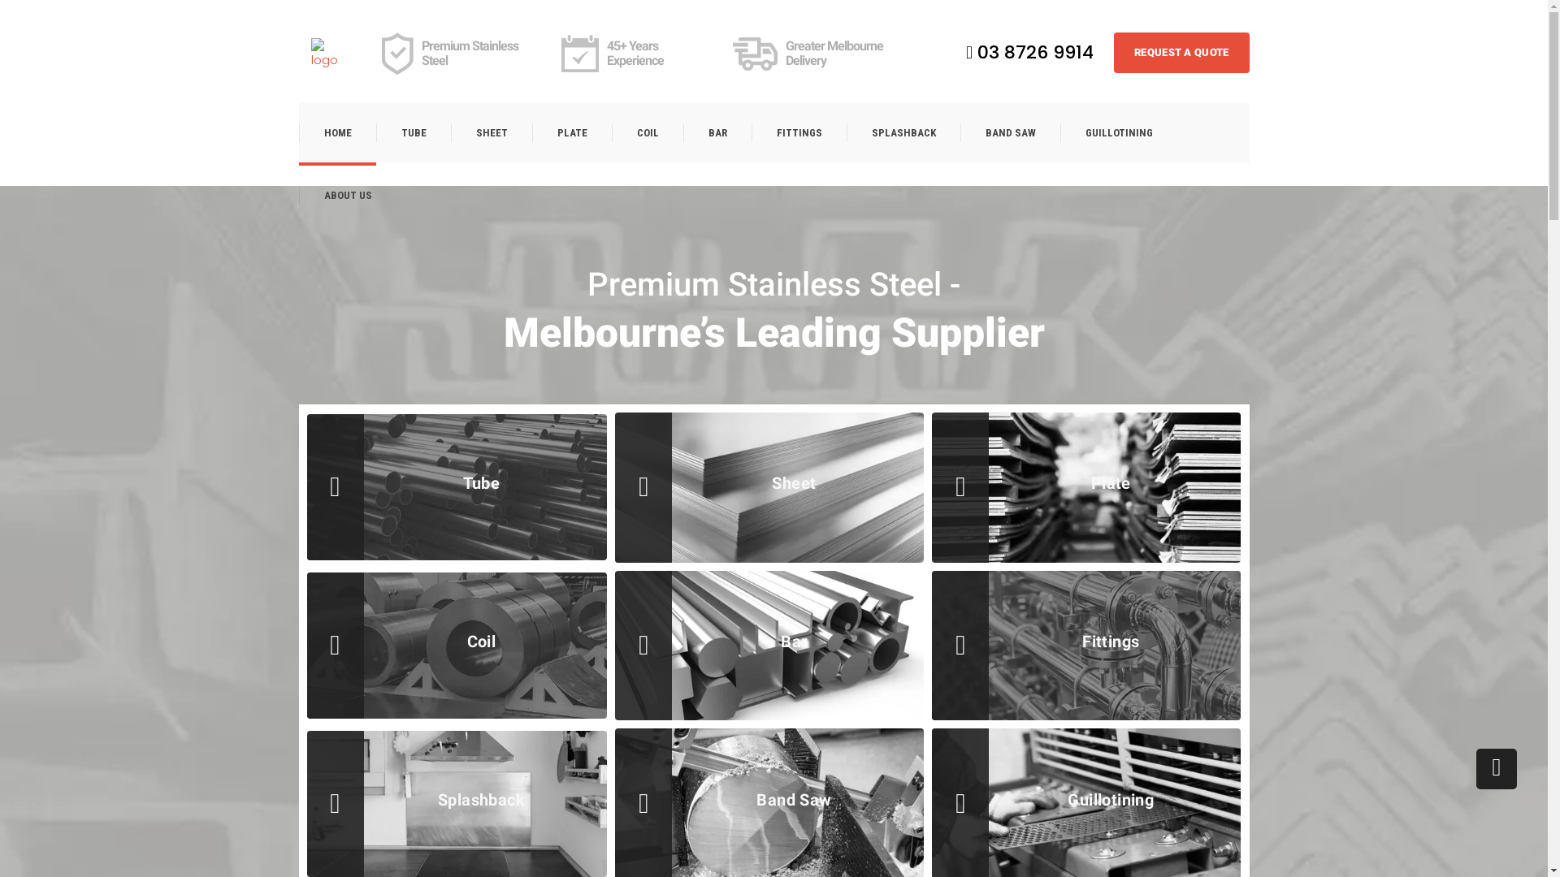  What do you see at coordinates (1181, 52) in the screenshot?
I see `'REQUEST A QUOTE'` at bounding box center [1181, 52].